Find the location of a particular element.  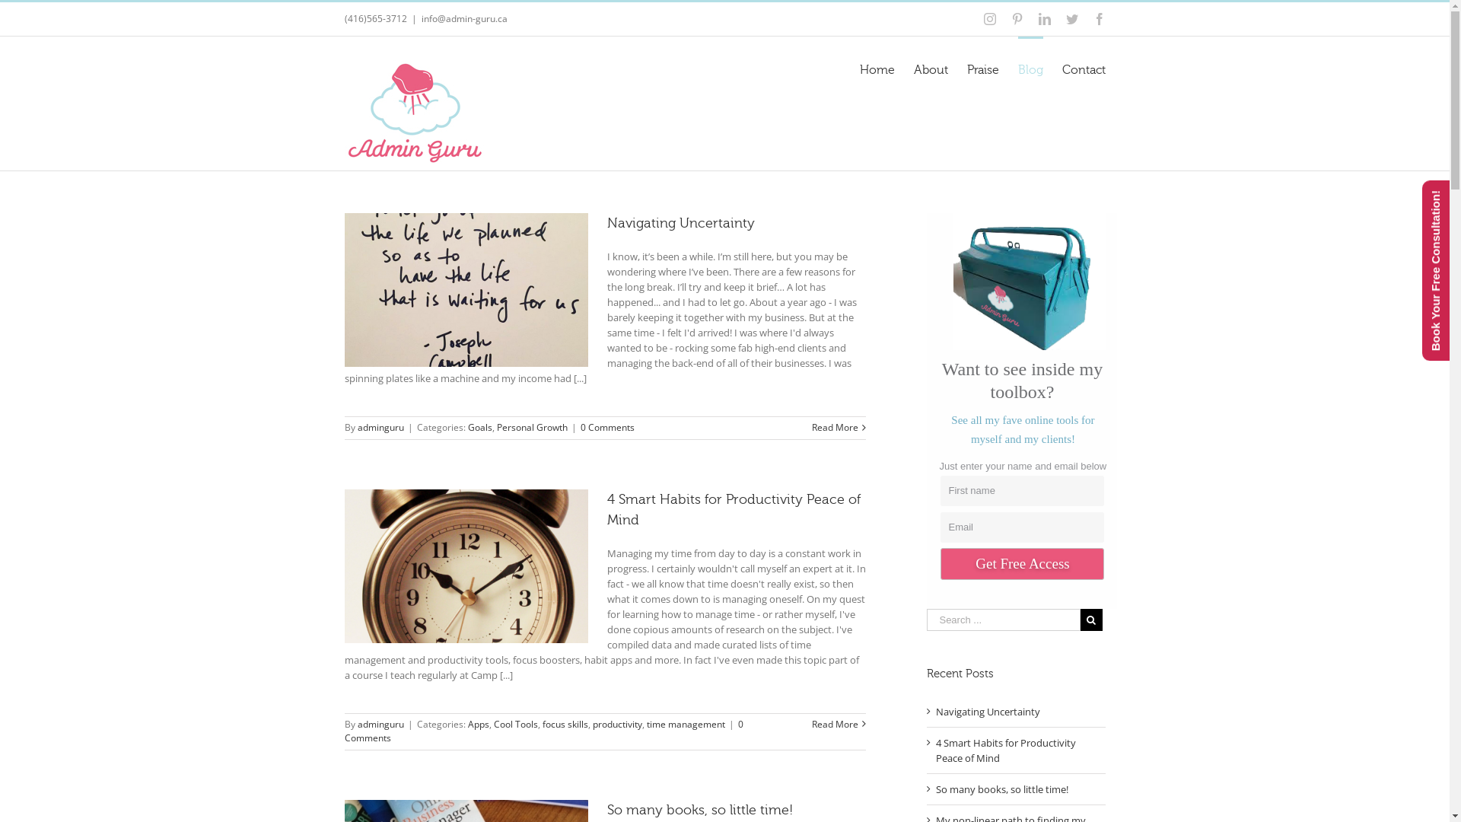

'Read More' is located at coordinates (834, 427).